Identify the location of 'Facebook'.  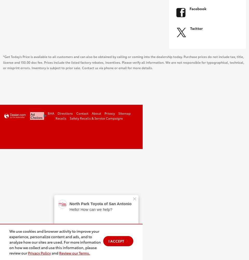
(198, 8).